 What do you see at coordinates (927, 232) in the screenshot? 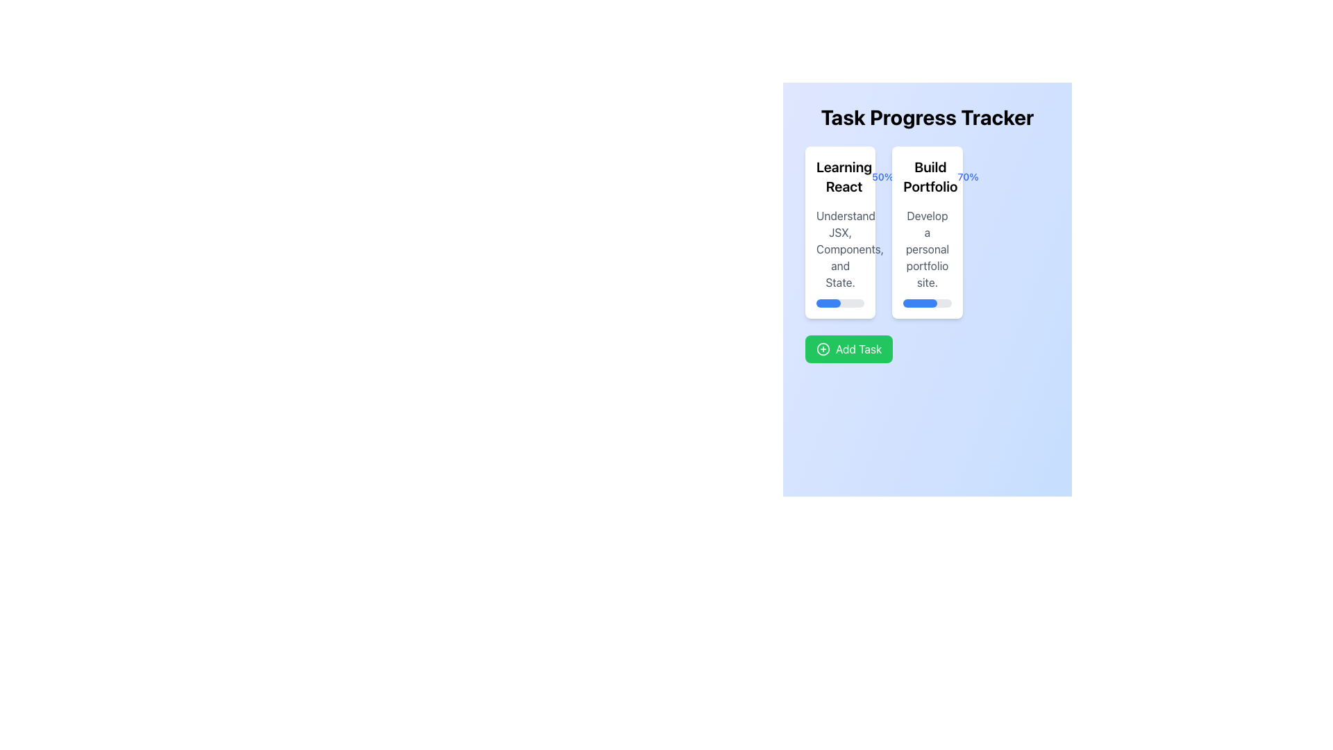
I see `text displayed on the Informational Card for the task 'Build Portfolio', which is the second card in the grid layout under the 'Task Progress Tracker' section` at bounding box center [927, 232].